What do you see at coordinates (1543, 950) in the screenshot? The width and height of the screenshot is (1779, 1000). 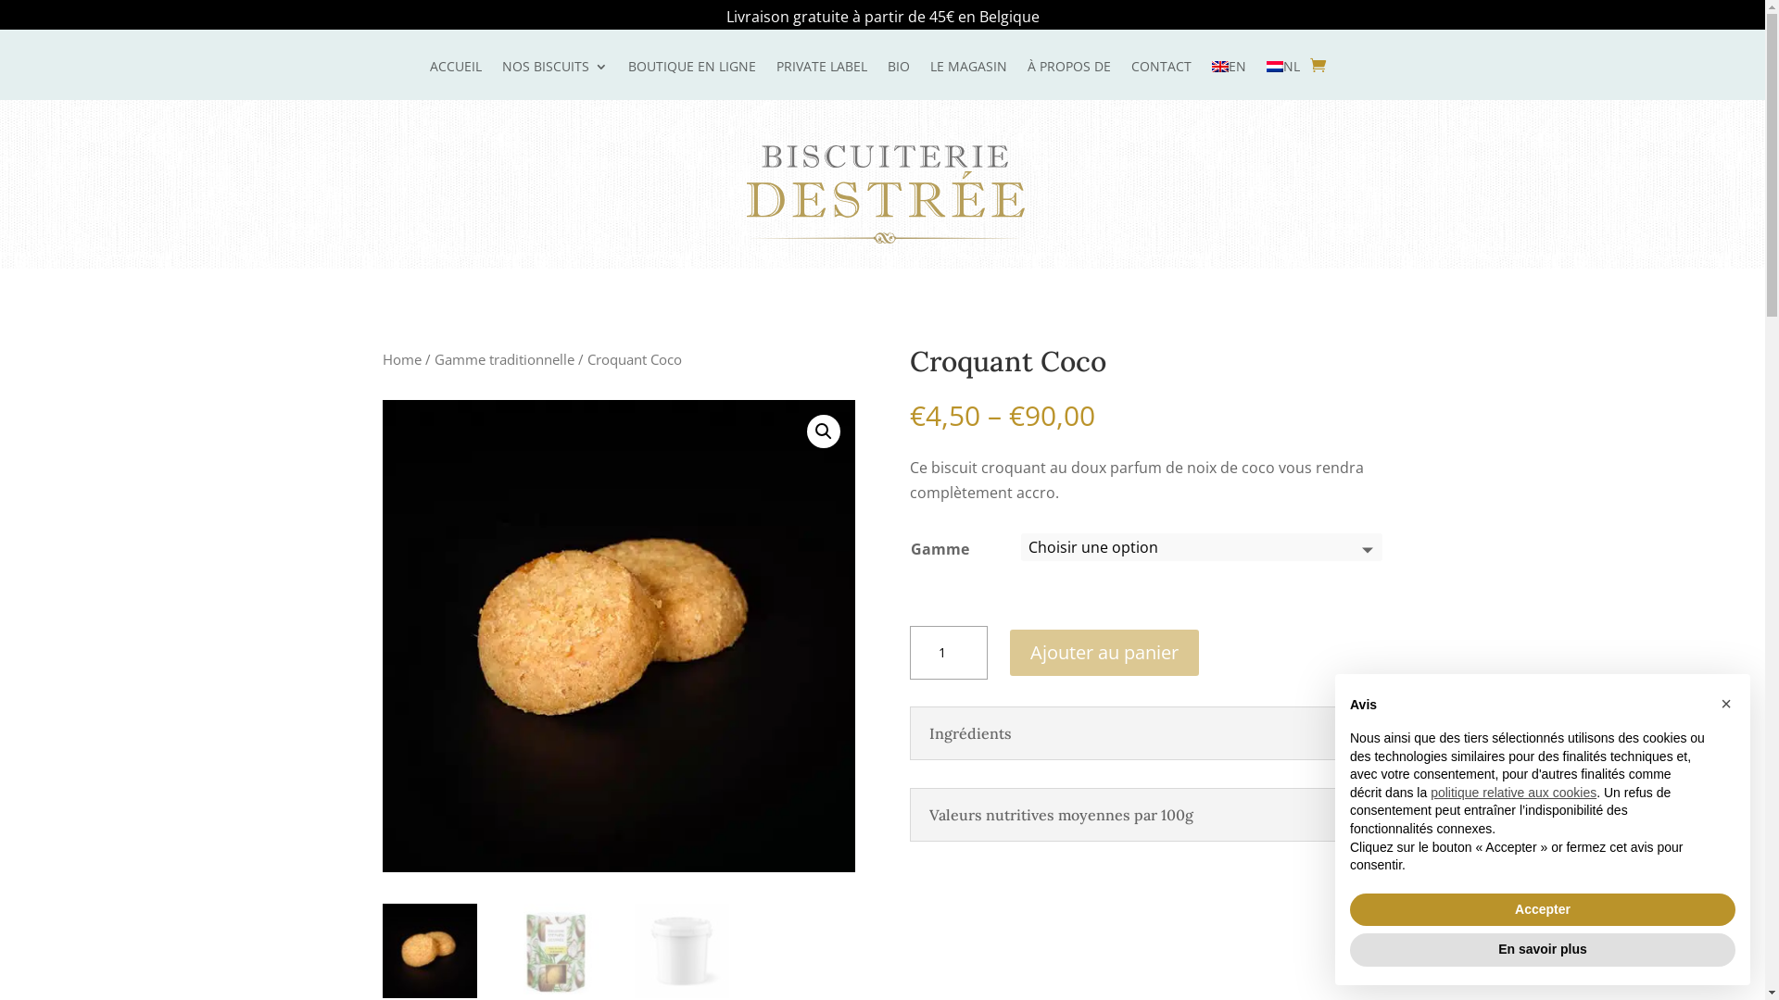 I see `'En savoir plus'` at bounding box center [1543, 950].